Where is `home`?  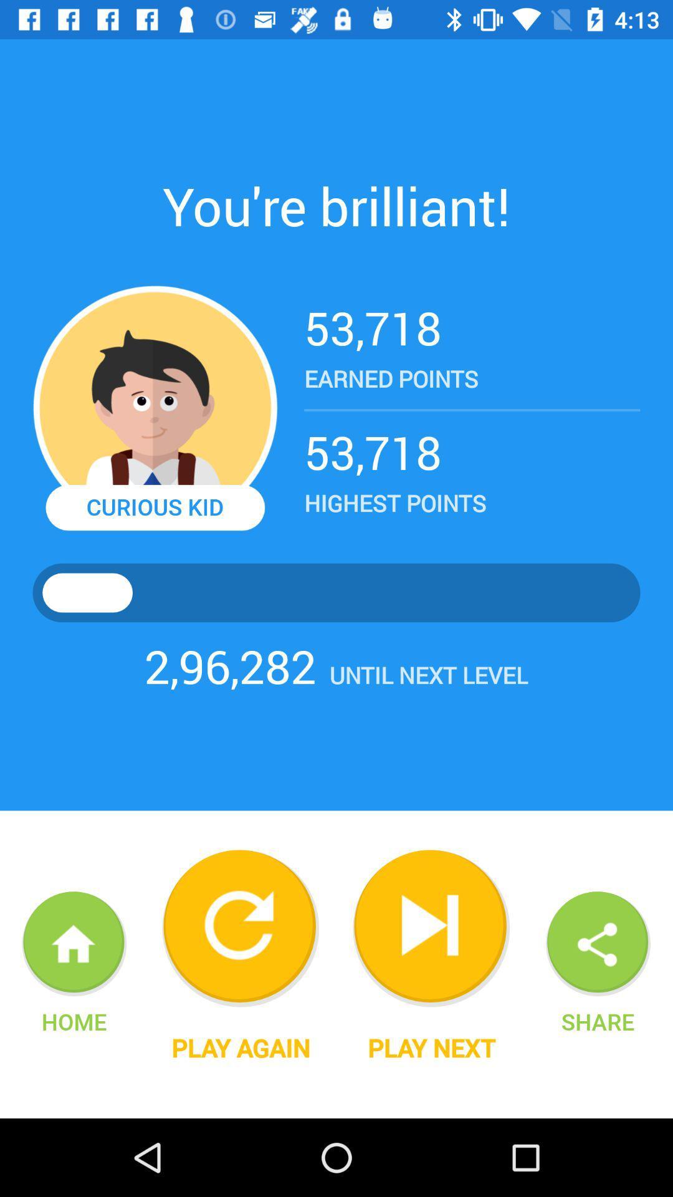 home is located at coordinates (74, 1021).